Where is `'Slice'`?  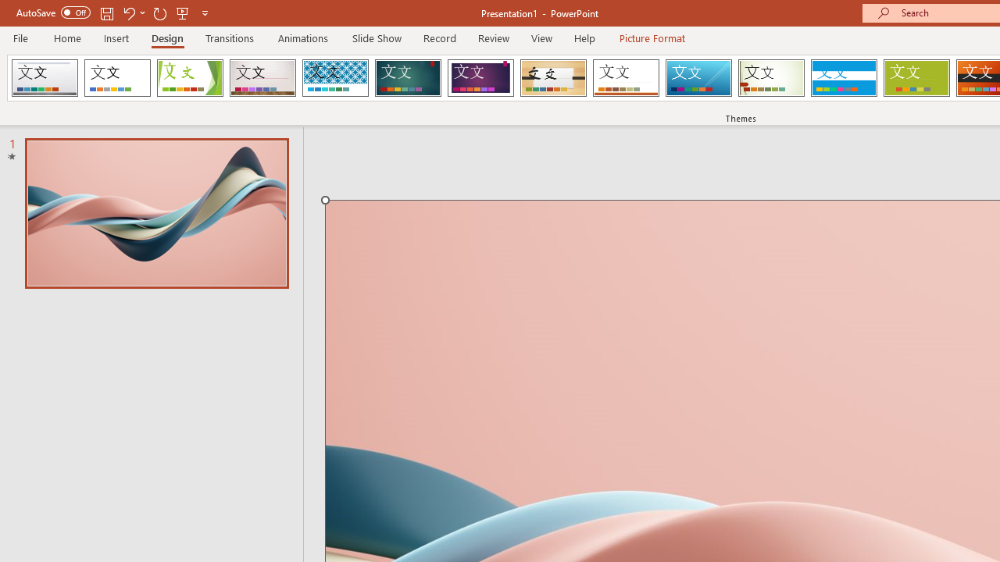
'Slice' is located at coordinates (698, 78).